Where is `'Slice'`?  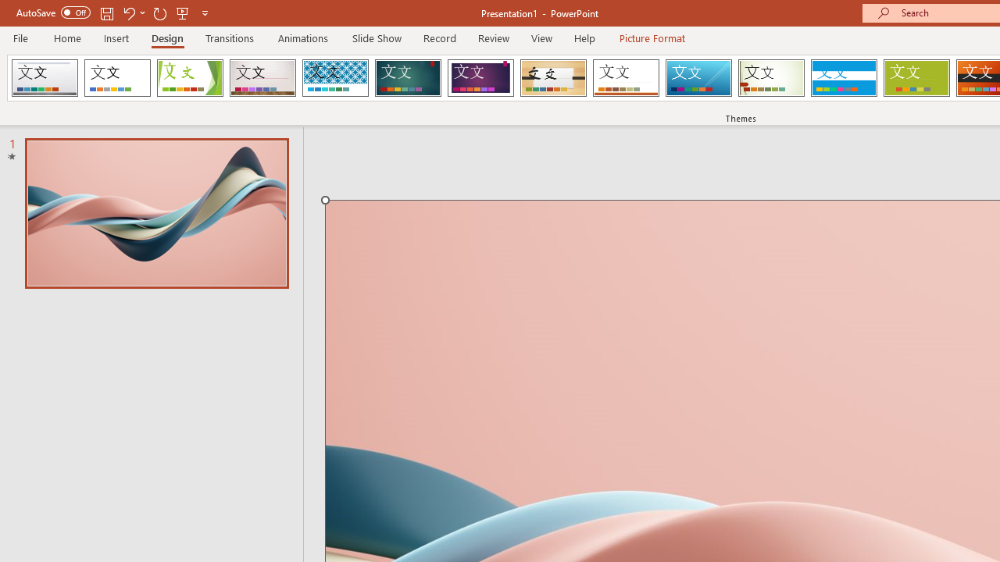
'Slice' is located at coordinates (698, 78).